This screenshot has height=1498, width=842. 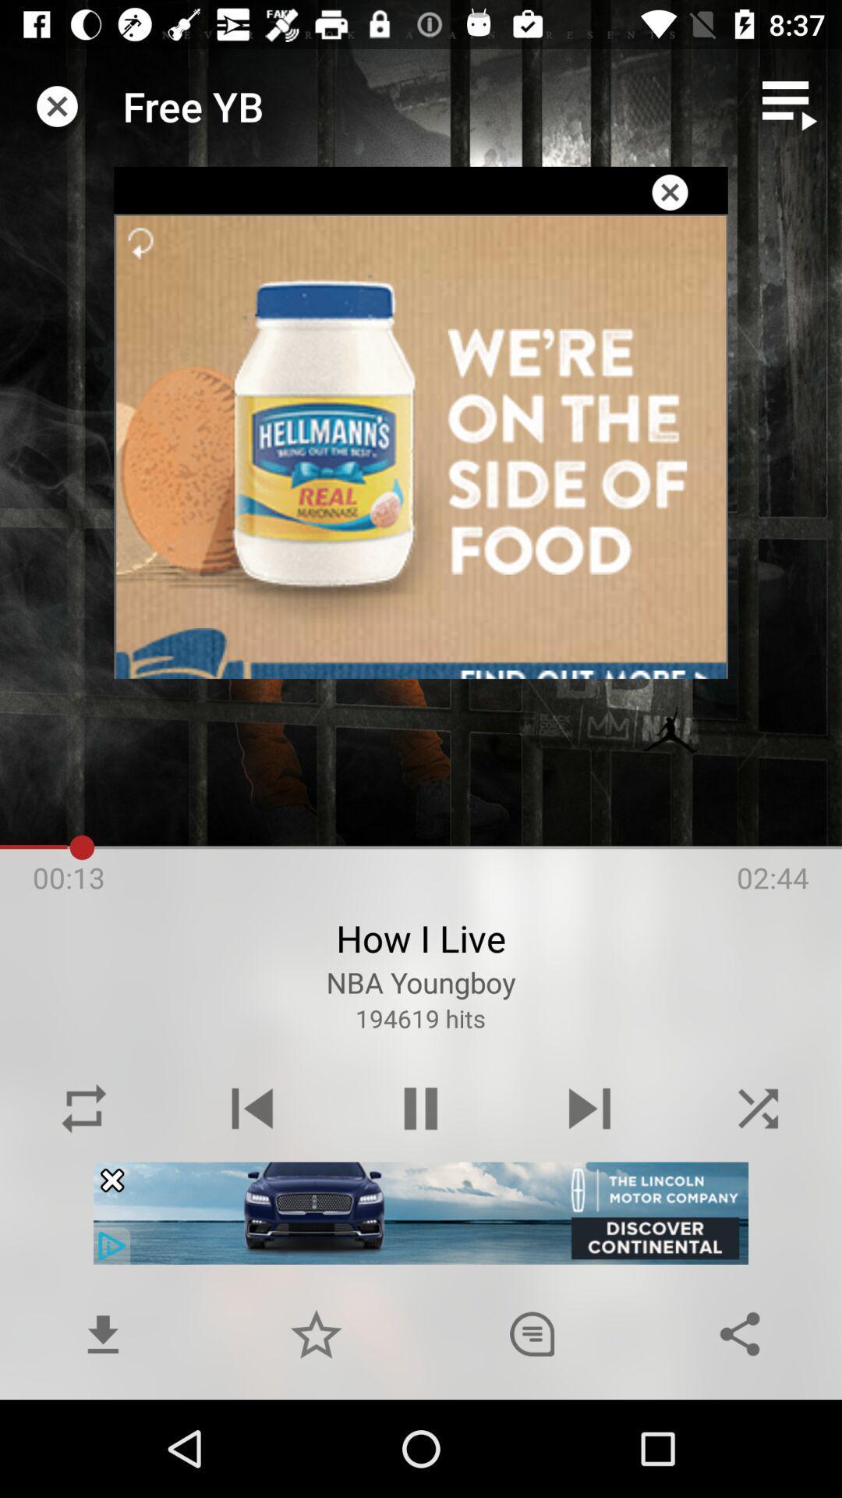 I want to click on play list, so click(x=790, y=106).